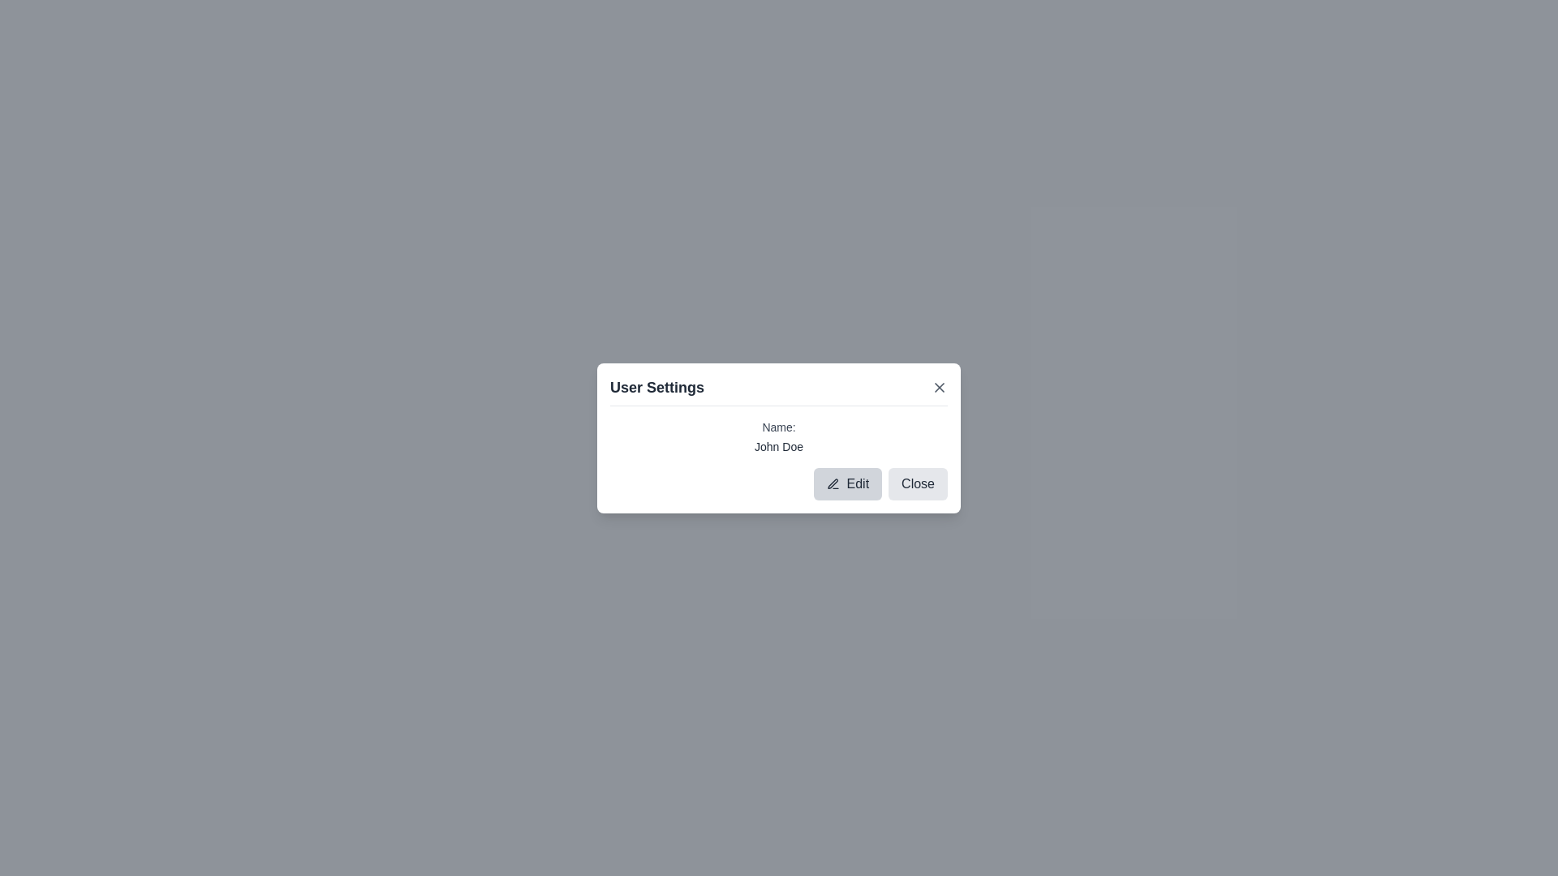 Image resolution: width=1558 pixels, height=876 pixels. Describe the element at coordinates (833, 483) in the screenshot. I see `the 'Edit' icon located inside the 'Edit' button at the lower-left side of the 'User Settings' modal window, which is positioned to the left of the 'Close' button` at that location.